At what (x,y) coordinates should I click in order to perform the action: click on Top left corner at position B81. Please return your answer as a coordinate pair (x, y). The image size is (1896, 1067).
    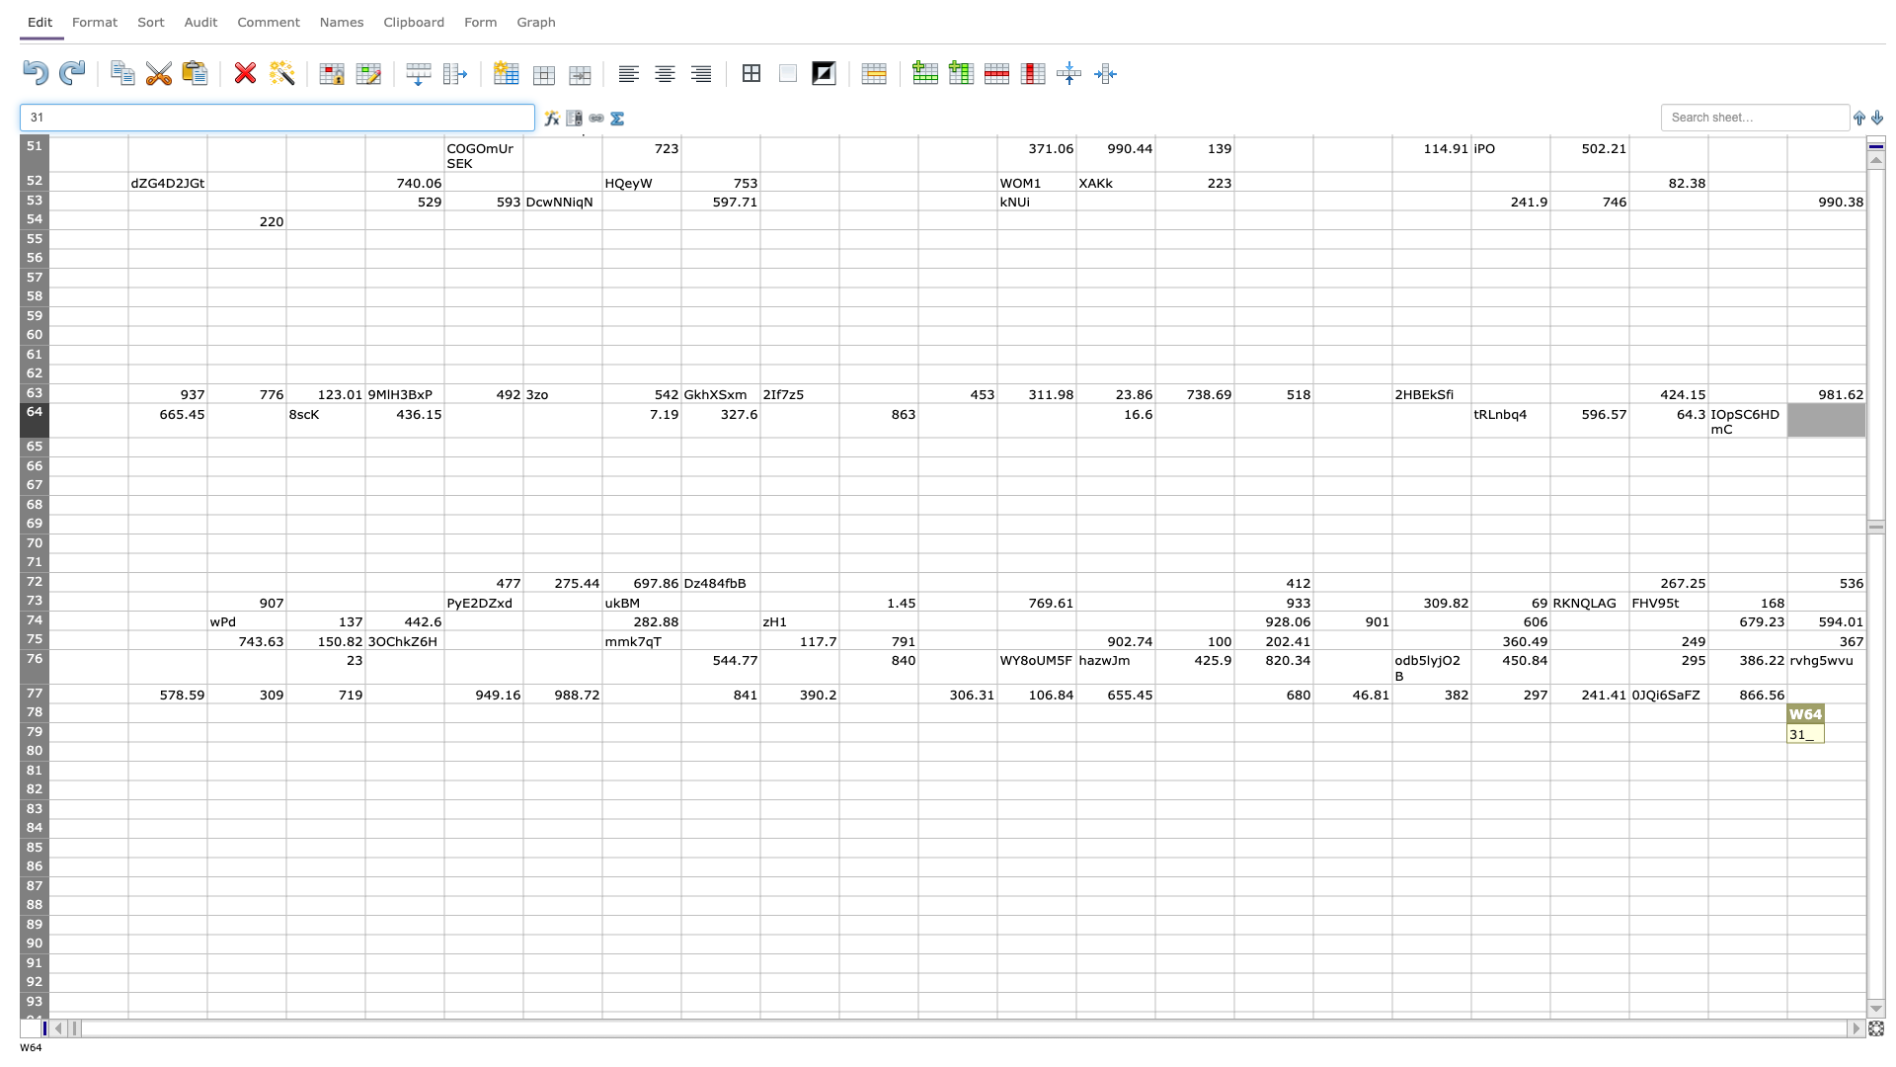
    Looking at the image, I should click on (126, 760).